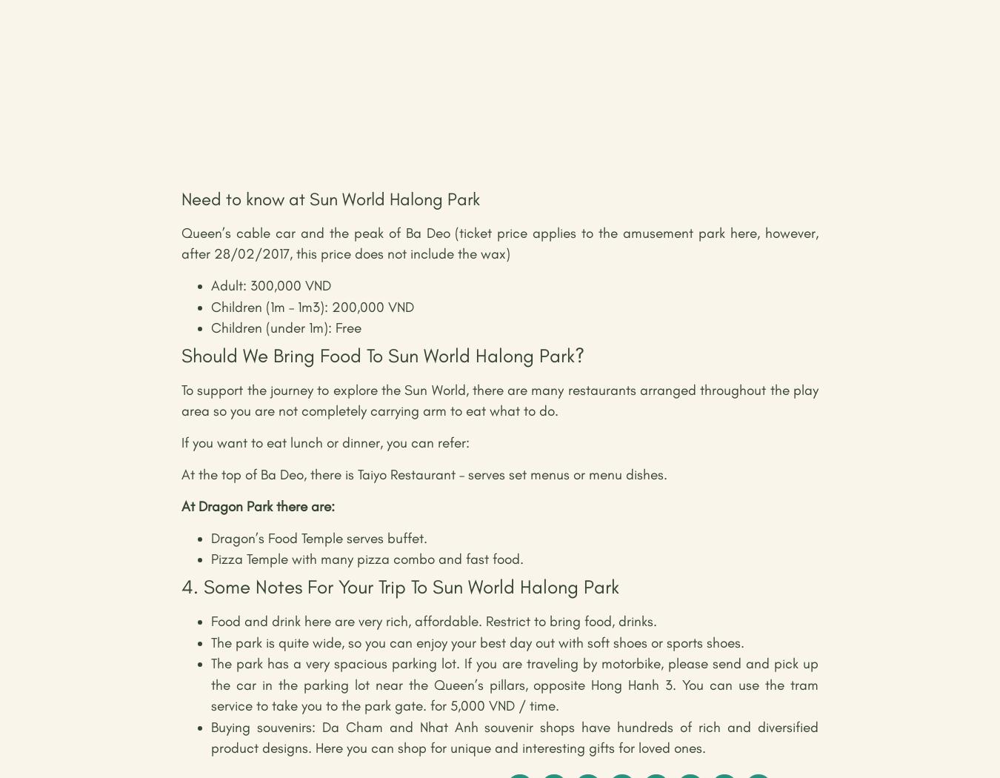 This screenshot has width=1000, height=778. Describe the element at coordinates (399, 586) in the screenshot. I see `'4. Some notes for your trip to Sun World Halong Park'` at that location.